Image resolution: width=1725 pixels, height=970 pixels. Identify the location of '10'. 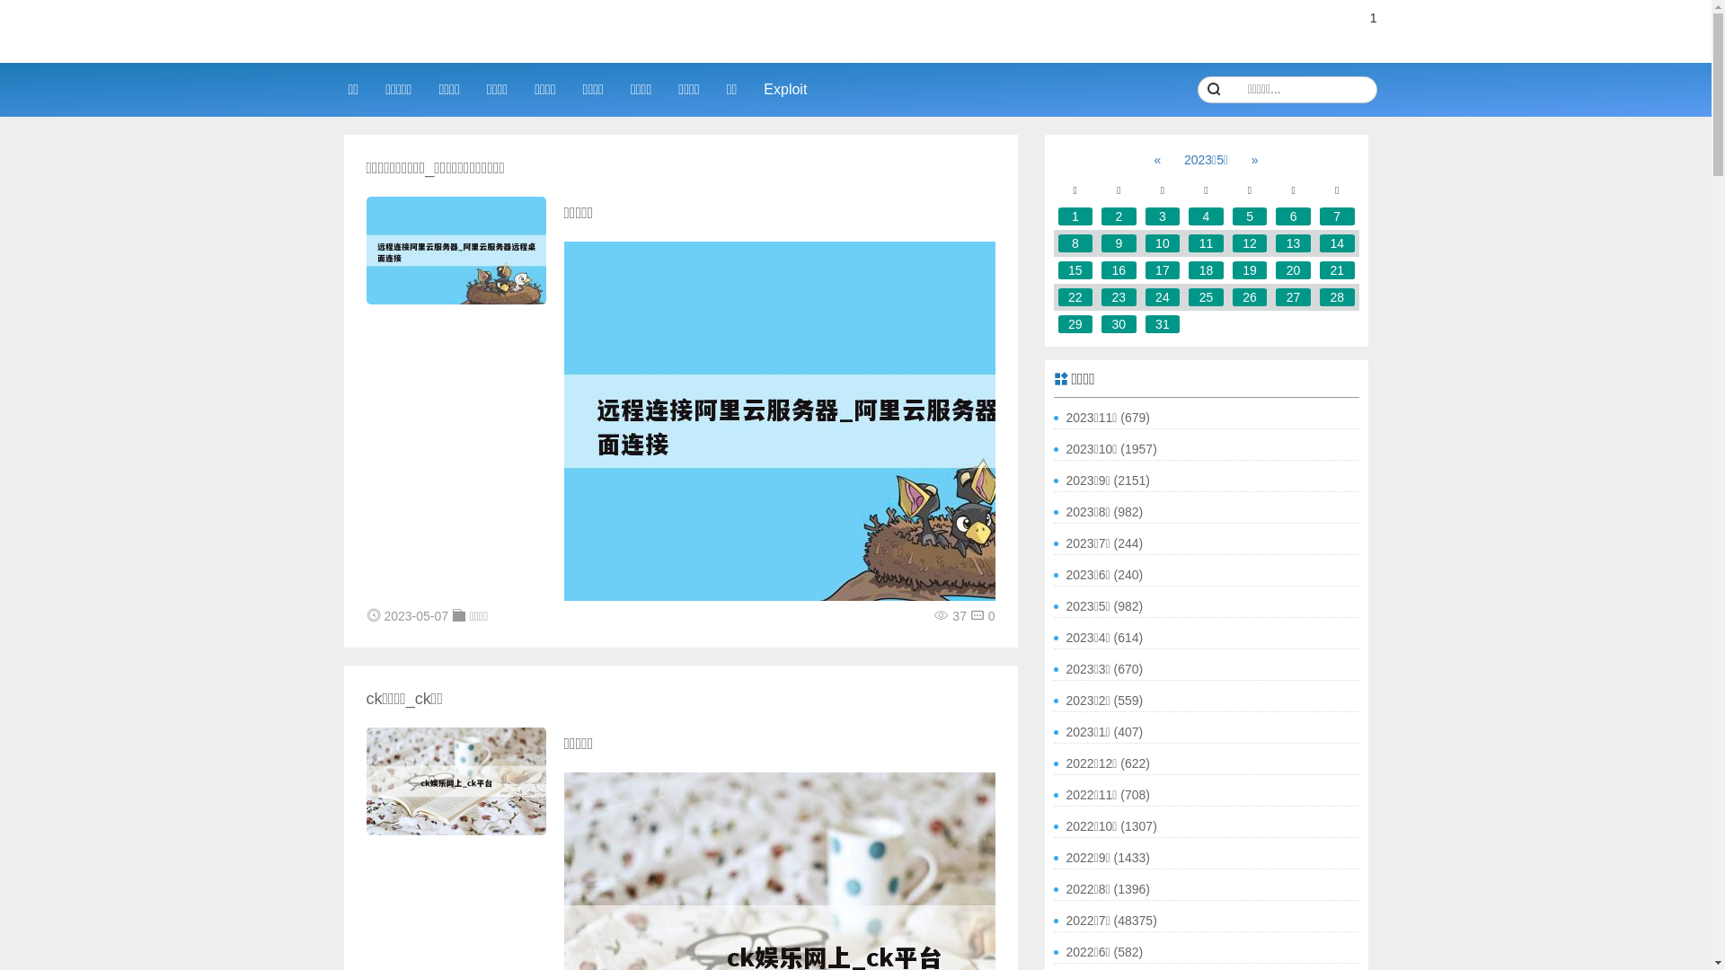
(1163, 242).